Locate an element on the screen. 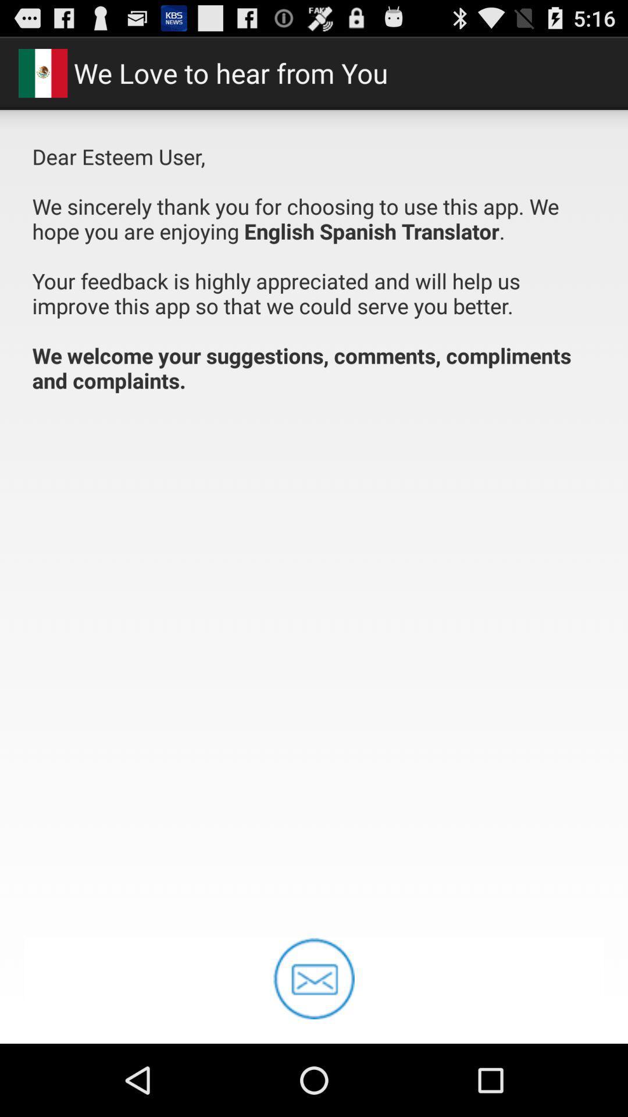 This screenshot has height=1117, width=628. email link is located at coordinates (314, 978).